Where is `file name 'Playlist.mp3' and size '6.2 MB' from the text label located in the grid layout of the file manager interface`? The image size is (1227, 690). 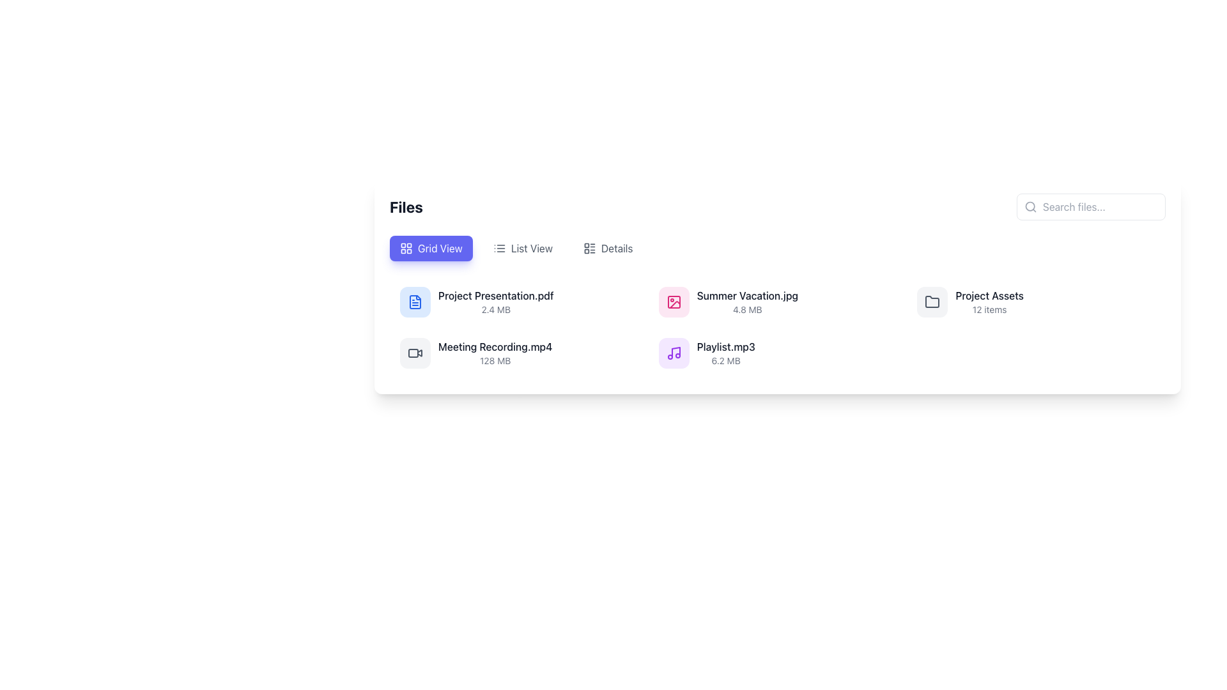 file name 'Playlist.mp3' and size '6.2 MB' from the text label located in the grid layout of the file manager interface is located at coordinates (726, 353).